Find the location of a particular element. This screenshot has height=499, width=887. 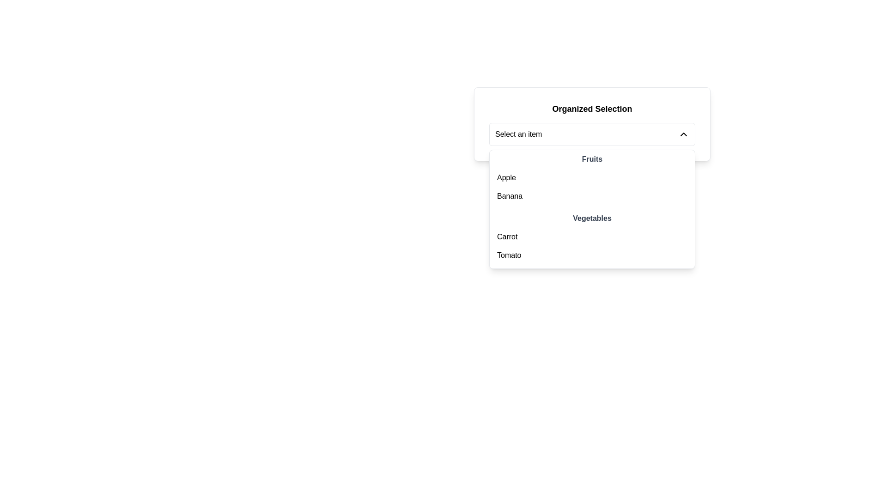

the downward-pointing chevron icon in the dropdown field labeled 'Select an item' is located at coordinates (683, 134).